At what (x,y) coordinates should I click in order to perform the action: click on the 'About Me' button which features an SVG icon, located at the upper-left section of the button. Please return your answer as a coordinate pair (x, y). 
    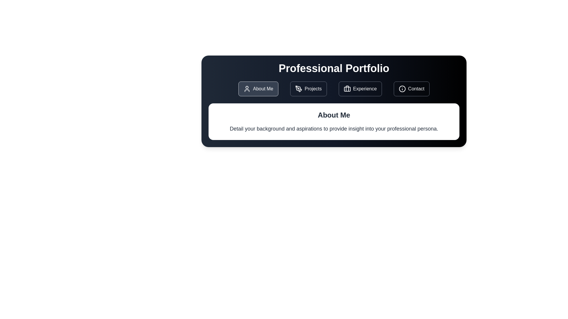
    Looking at the image, I should click on (247, 89).